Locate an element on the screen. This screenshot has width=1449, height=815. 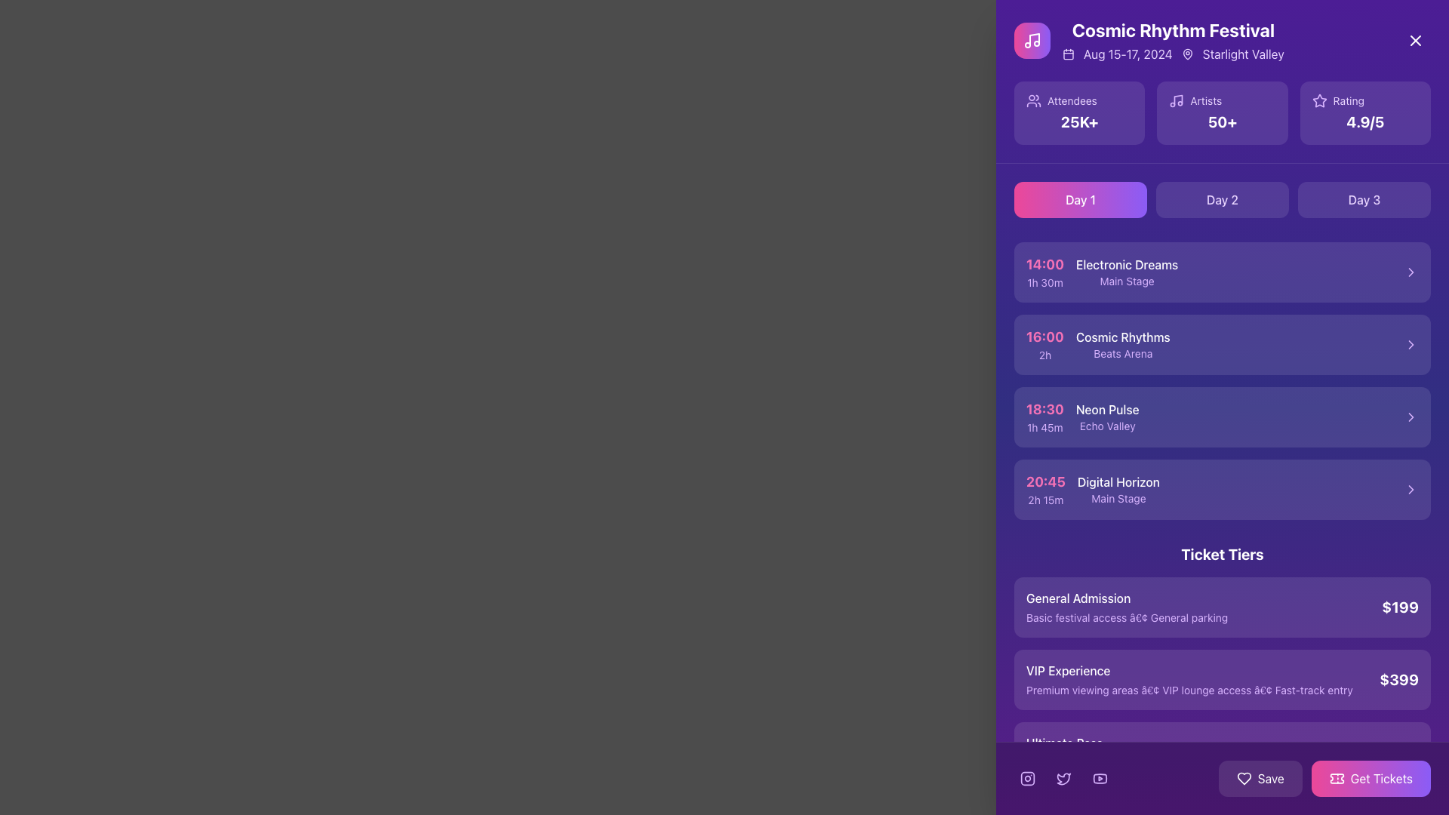
the circular button with a purple background and a white outline icon of a bird, which is the second button from the left in the row of three social media buttons at the bottom center of the interface is located at coordinates (1063, 779).